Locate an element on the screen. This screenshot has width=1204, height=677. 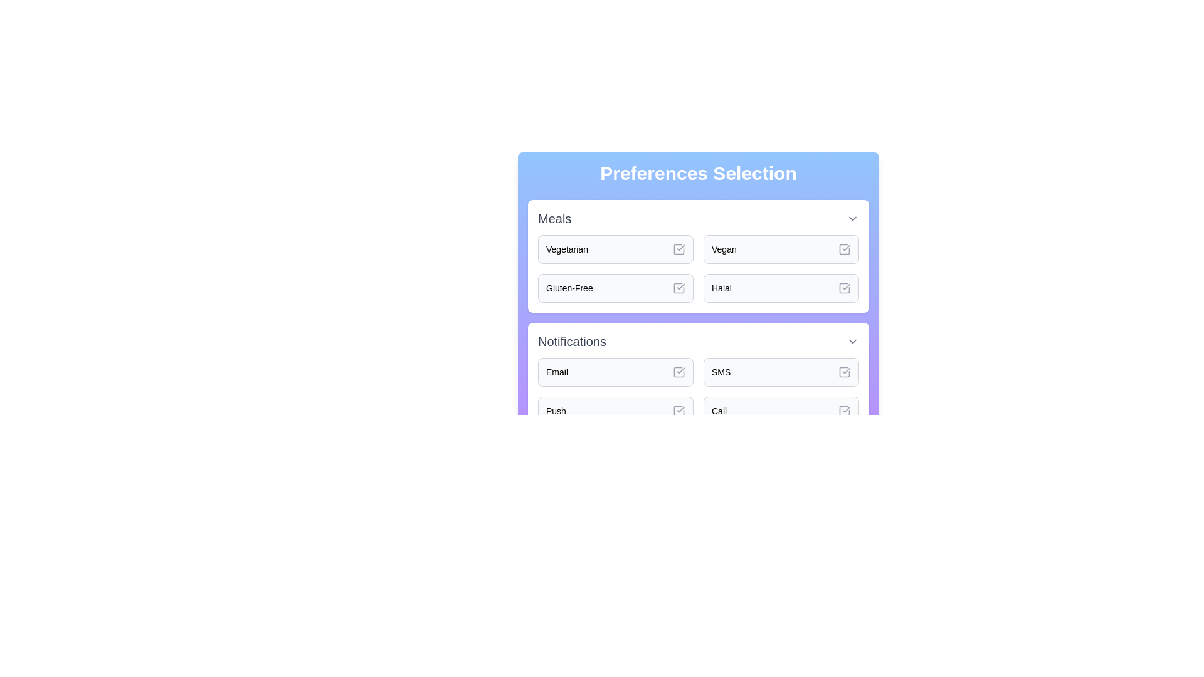
the checkbox icon with a checkmark inside, located to the right of the 'Push' label in the 'Notifications' section of the preferences selection panel is located at coordinates (679, 411).